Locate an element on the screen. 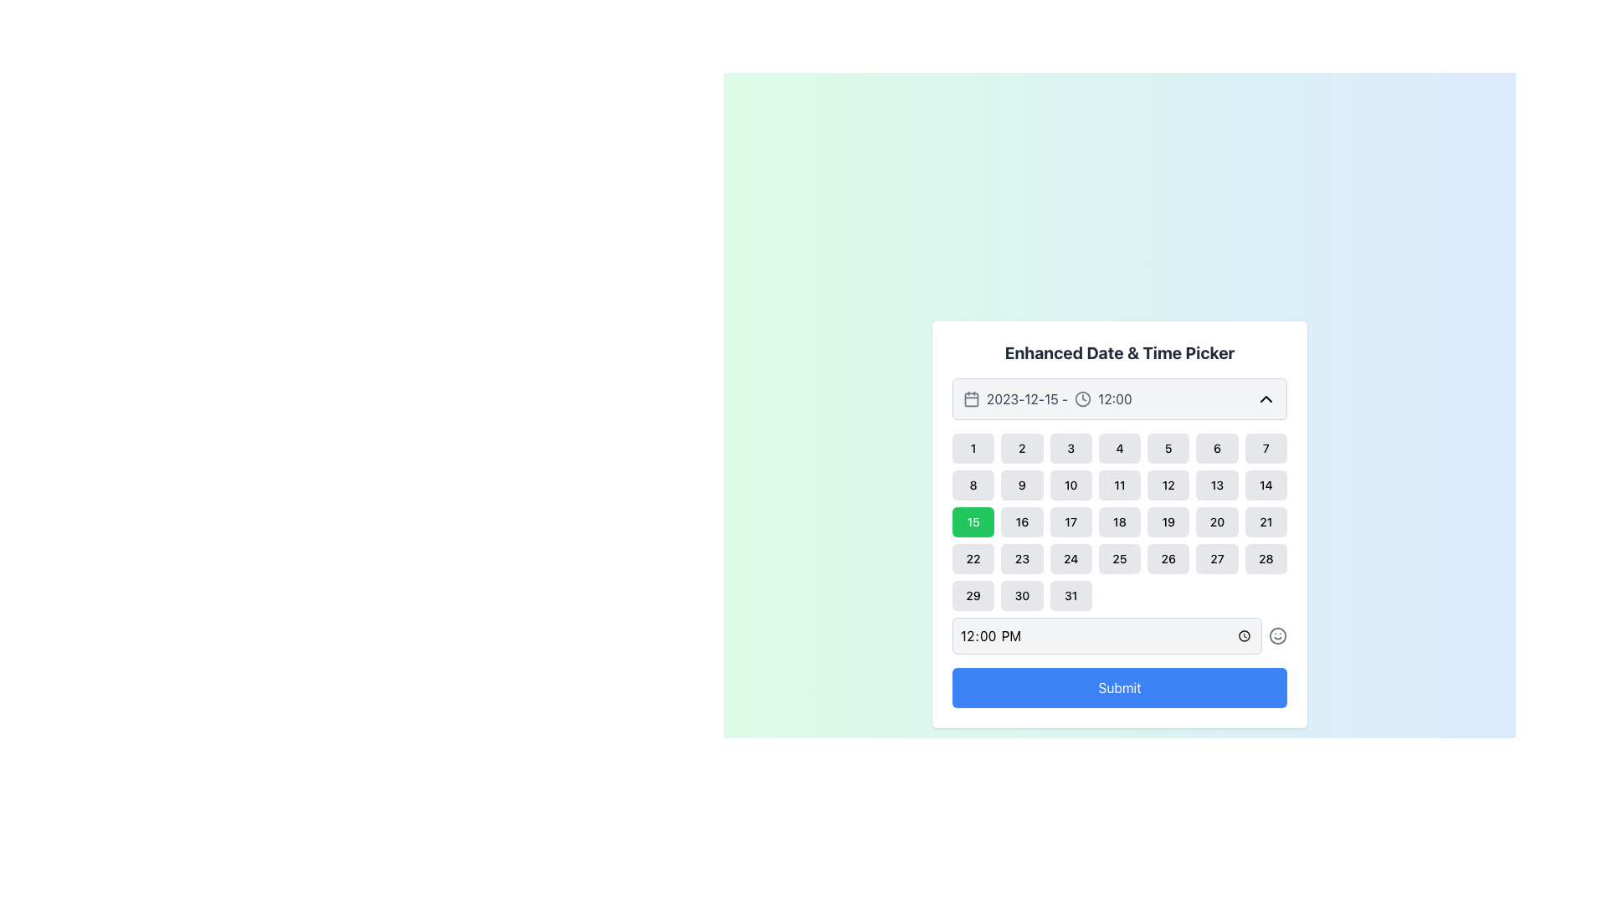  the selectable date button labeled '16' in the calendar interface to highlight it is located at coordinates (1021, 521).